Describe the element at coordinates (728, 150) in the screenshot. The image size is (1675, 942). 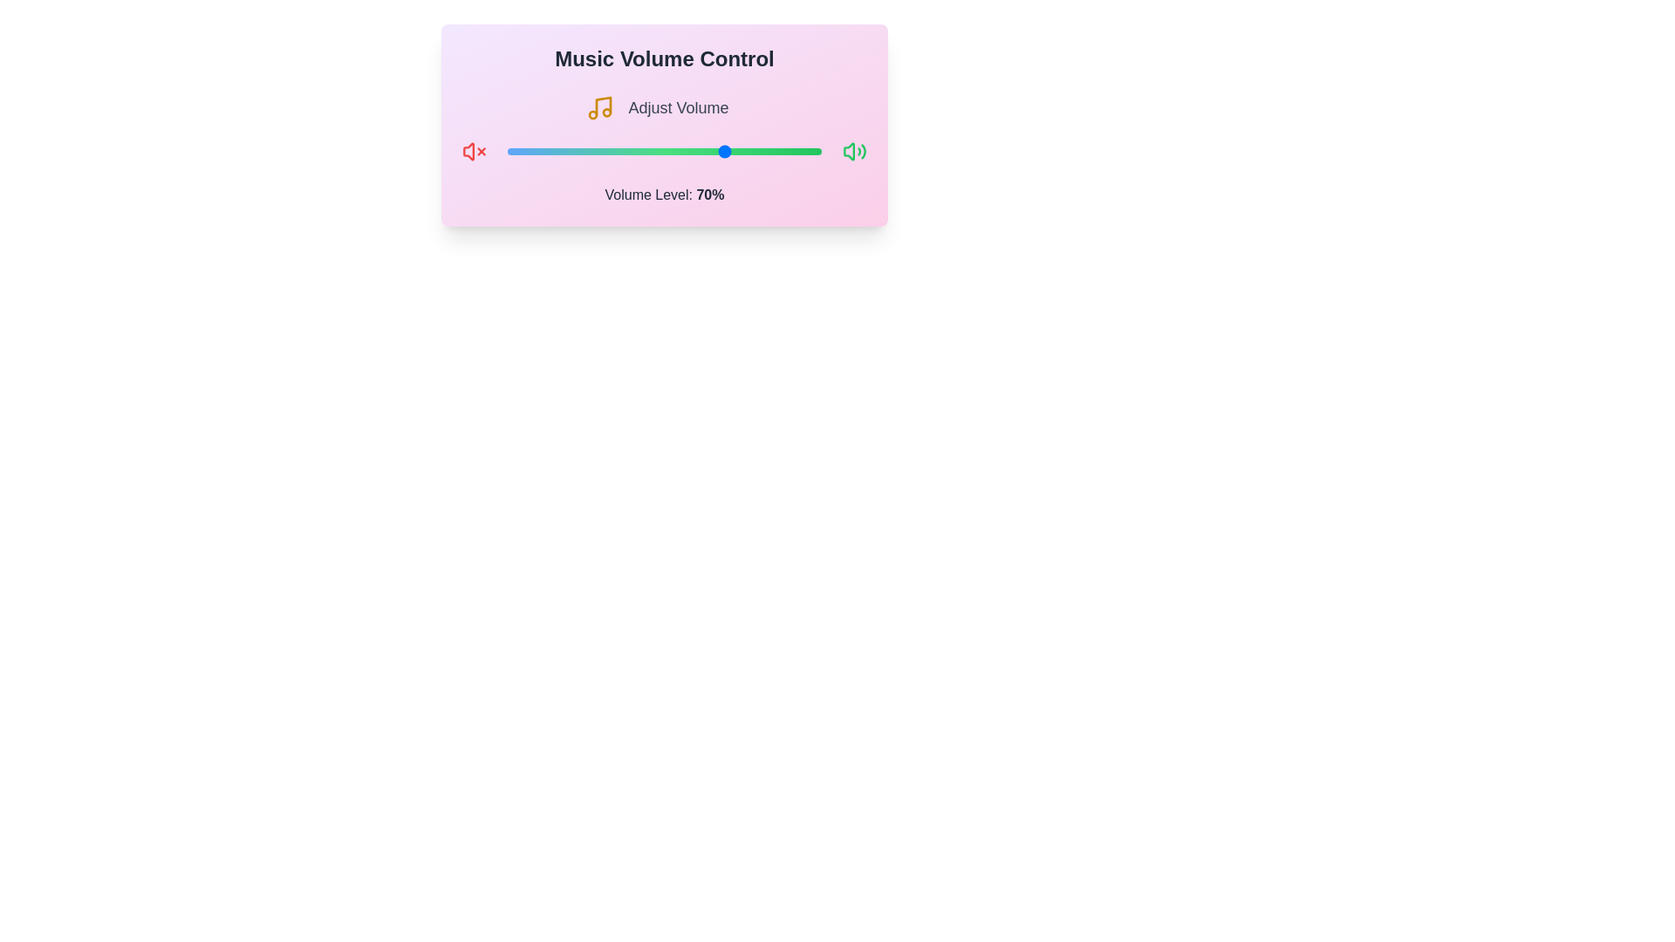
I see `the volume slider to 70%` at that location.